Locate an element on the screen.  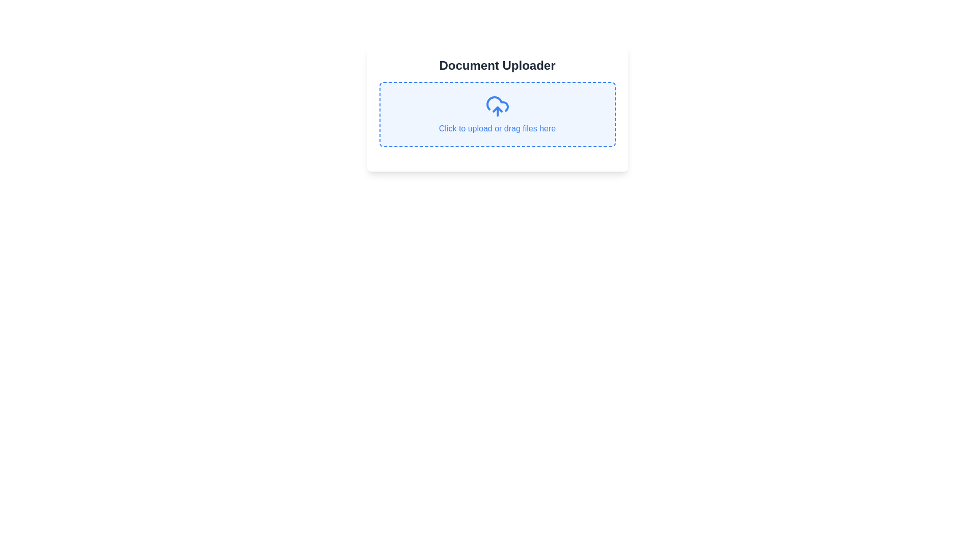
the Interactive file upload zone, which is a rectangular box with a dashed border, a cloud upload icon, and the text 'Click to upload or drag files here'. This element is located below the heading 'Document Uploader' is located at coordinates (497, 114).